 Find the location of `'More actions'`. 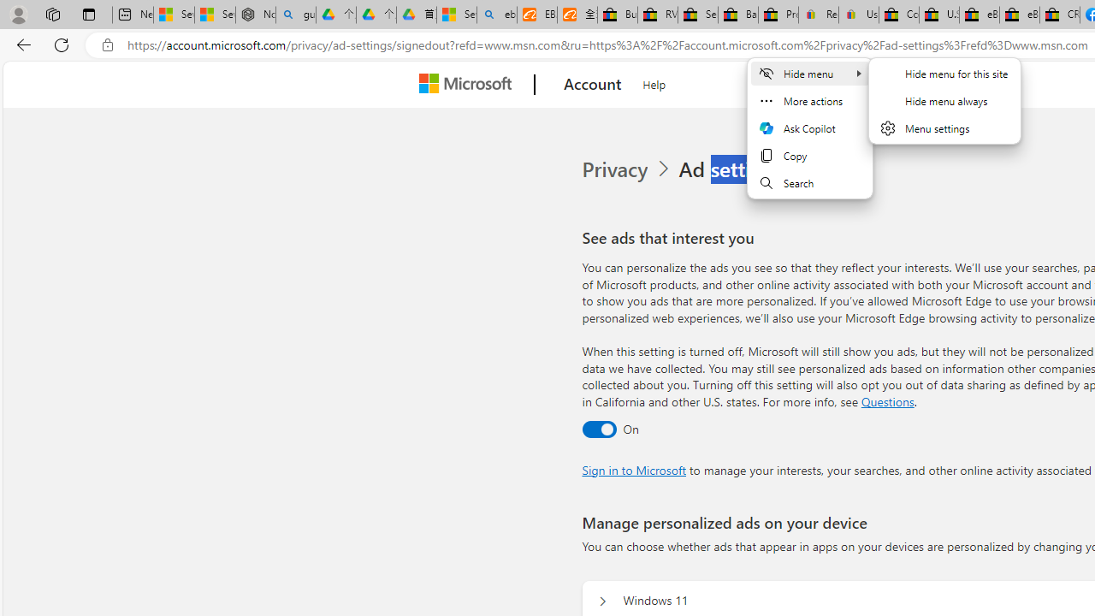

'More actions' is located at coordinates (809, 101).